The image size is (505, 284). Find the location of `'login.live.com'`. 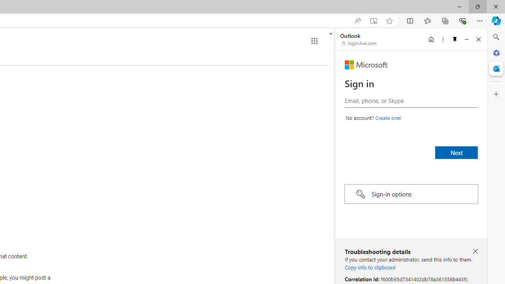

'login.live.com' is located at coordinates (359, 43).